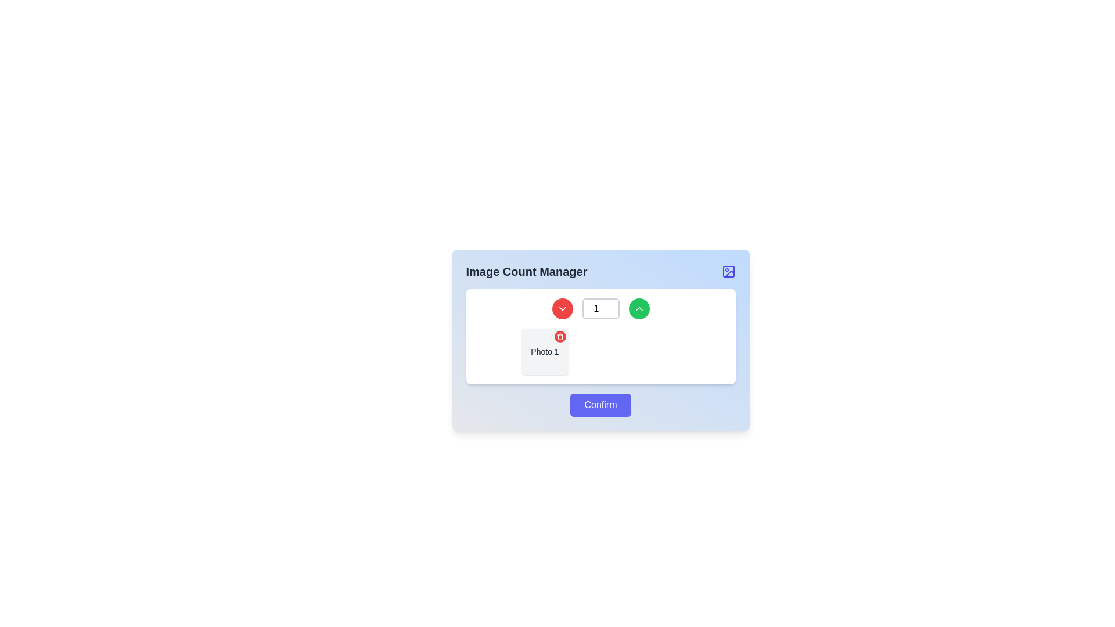 The width and height of the screenshot is (1115, 627). Describe the element at coordinates (728, 271) in the screenshot. I see `the small, blue-outlined square icon located in the top-right corner of the 'Image Count Manager' modal` at that location.